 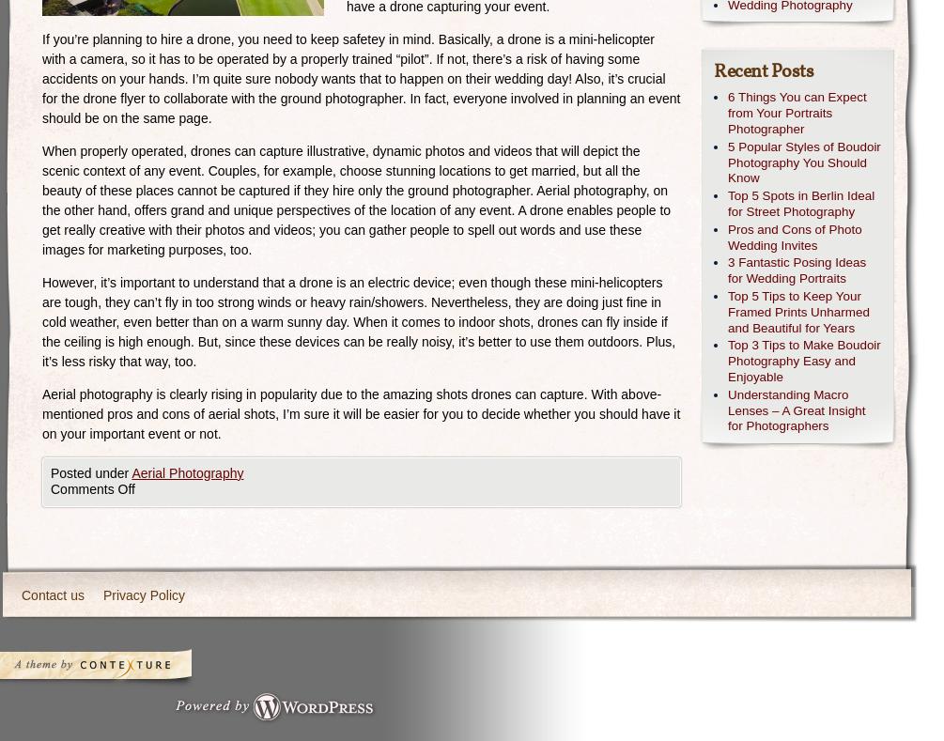 What do you see at coordinates (359, 320) in the screenshot?
I see `'However, it’s important to understand that a drone is an electric device; even though these mini-helicopters are tough, they can’t fly in too strong winds or heavy rain/showers. Nevertheless, they are doing just fine in cold weather, even better than on a warm sunny day. When it comes to indoor shots, drones can fly inside if the ceiling is high enough. But, since these devices can be really noisy, it’s better to use them outdoors. Plus, it’s less risky that way, too.'` at bounding box center [359, 320].